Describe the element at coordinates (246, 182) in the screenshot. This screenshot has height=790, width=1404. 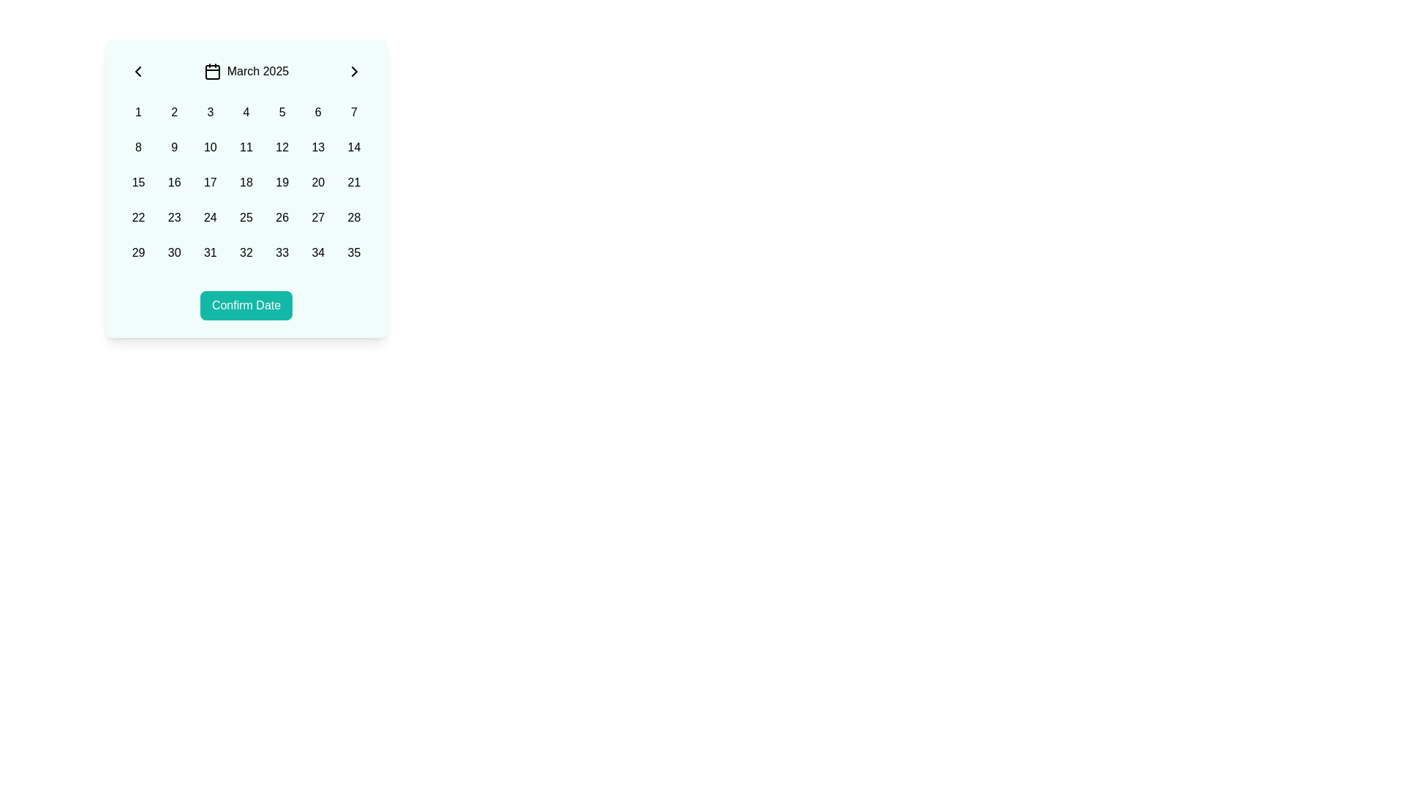
I see `the date selector button for the date '18' located in the third row and fourth column of the calendar grid` at that location.